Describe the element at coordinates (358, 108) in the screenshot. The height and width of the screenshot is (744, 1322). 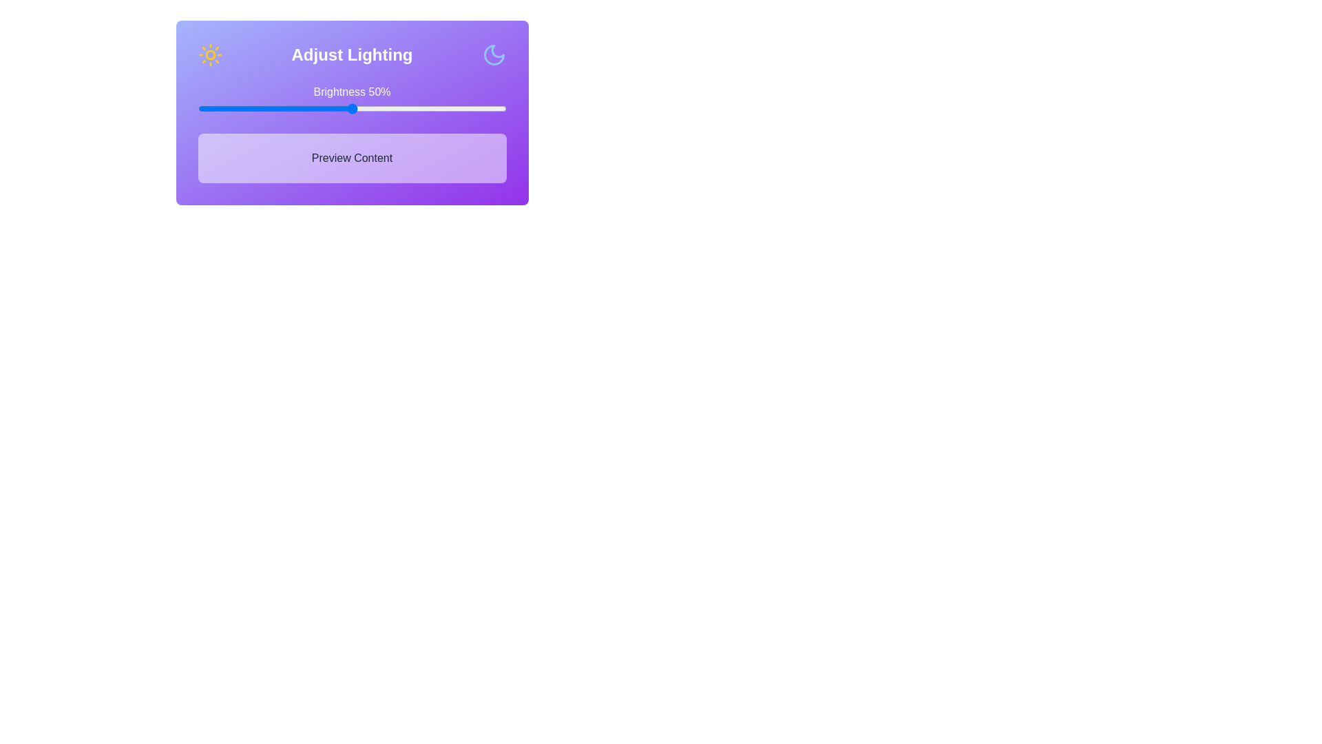
I see `the brightness slider to 52% to observe changes in the 'Preview Content' section` at that location.